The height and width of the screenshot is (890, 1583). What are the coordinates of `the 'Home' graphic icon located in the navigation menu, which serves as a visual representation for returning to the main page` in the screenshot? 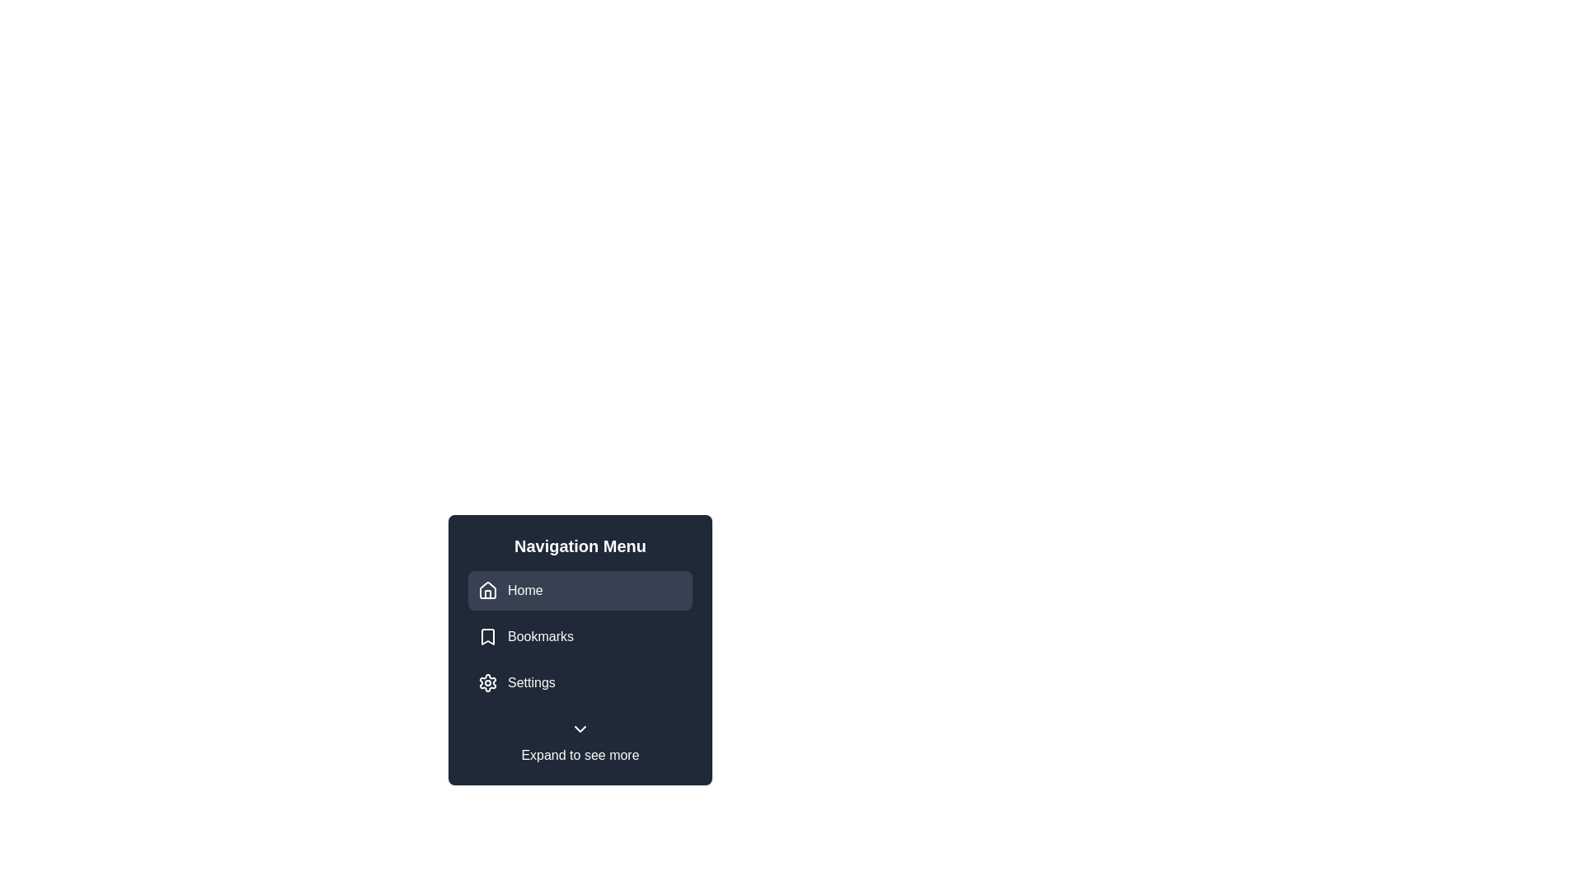 It's located at (486, 589).